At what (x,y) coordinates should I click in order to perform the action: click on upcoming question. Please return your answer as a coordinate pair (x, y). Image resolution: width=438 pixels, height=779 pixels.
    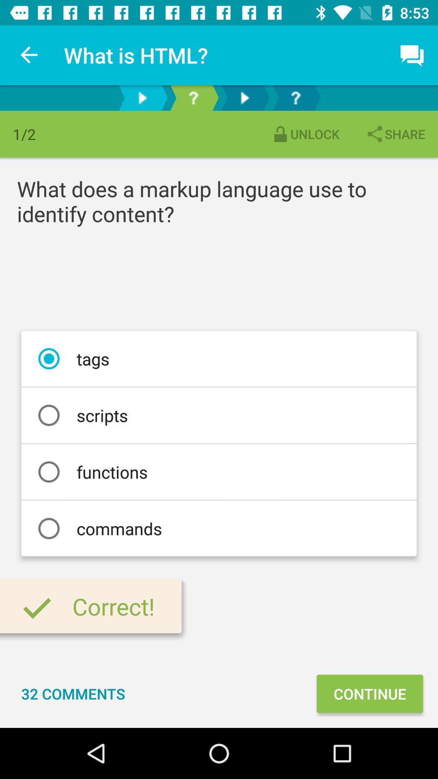
    Looking at the image, I should click on (296, 97).